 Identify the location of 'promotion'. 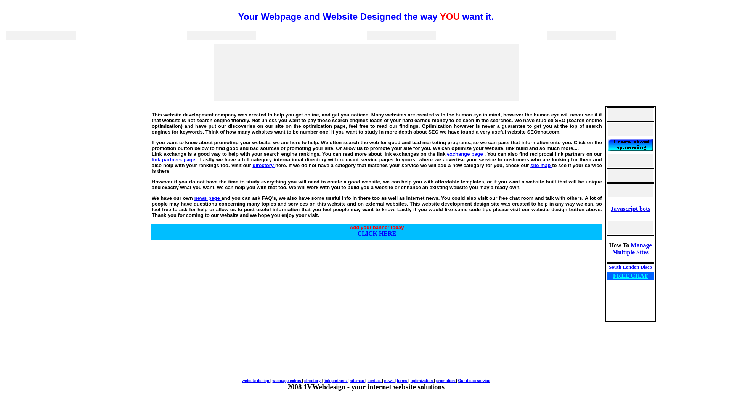
(446, 381).